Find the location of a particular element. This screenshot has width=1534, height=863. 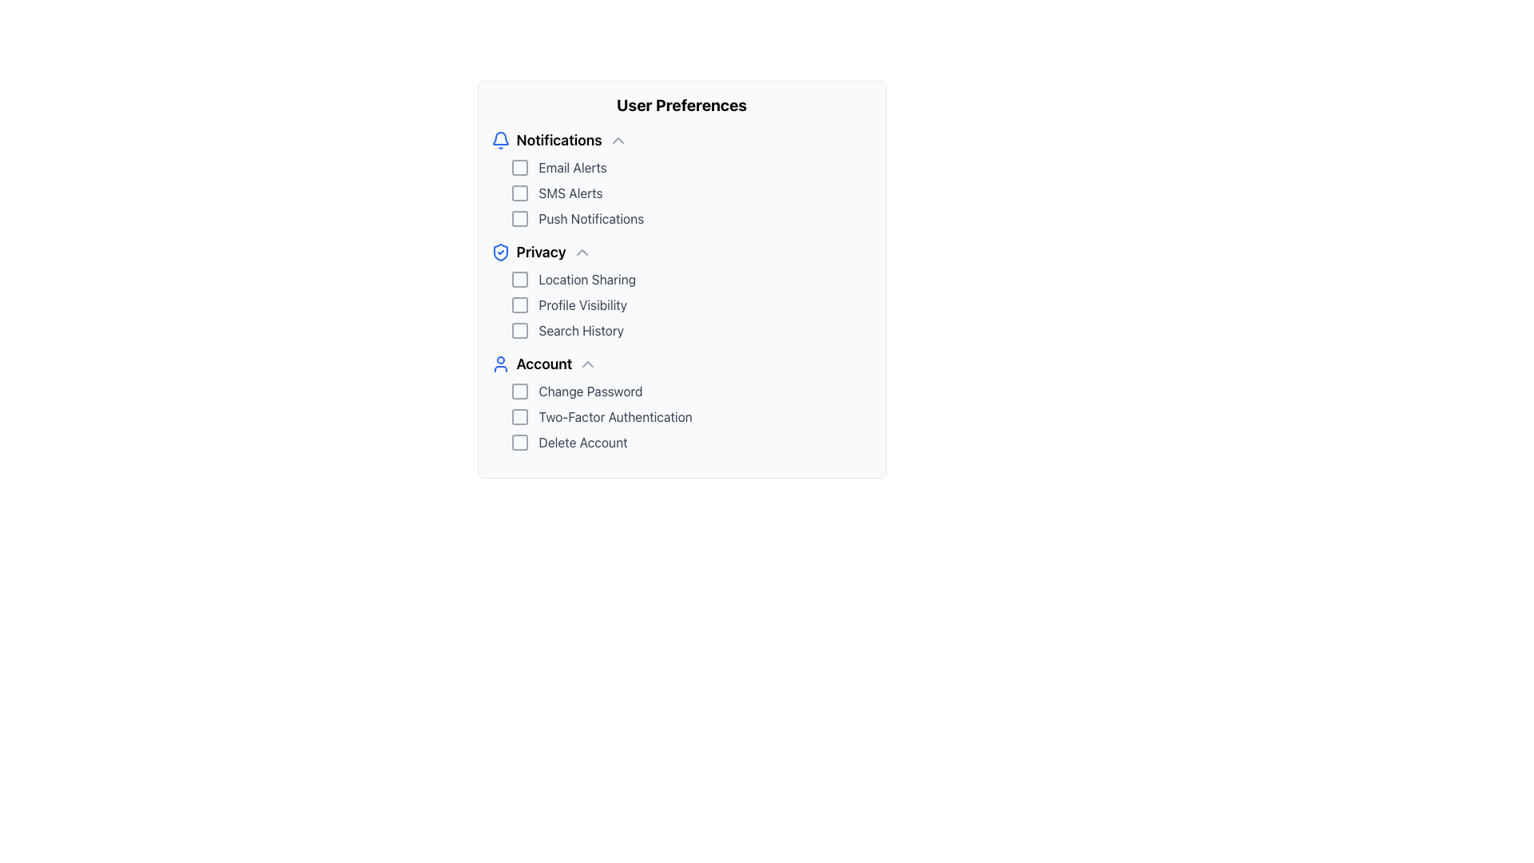

the checkbox for 'Profile Visibility' in the Privacy section is located at coordinates (519, 304).